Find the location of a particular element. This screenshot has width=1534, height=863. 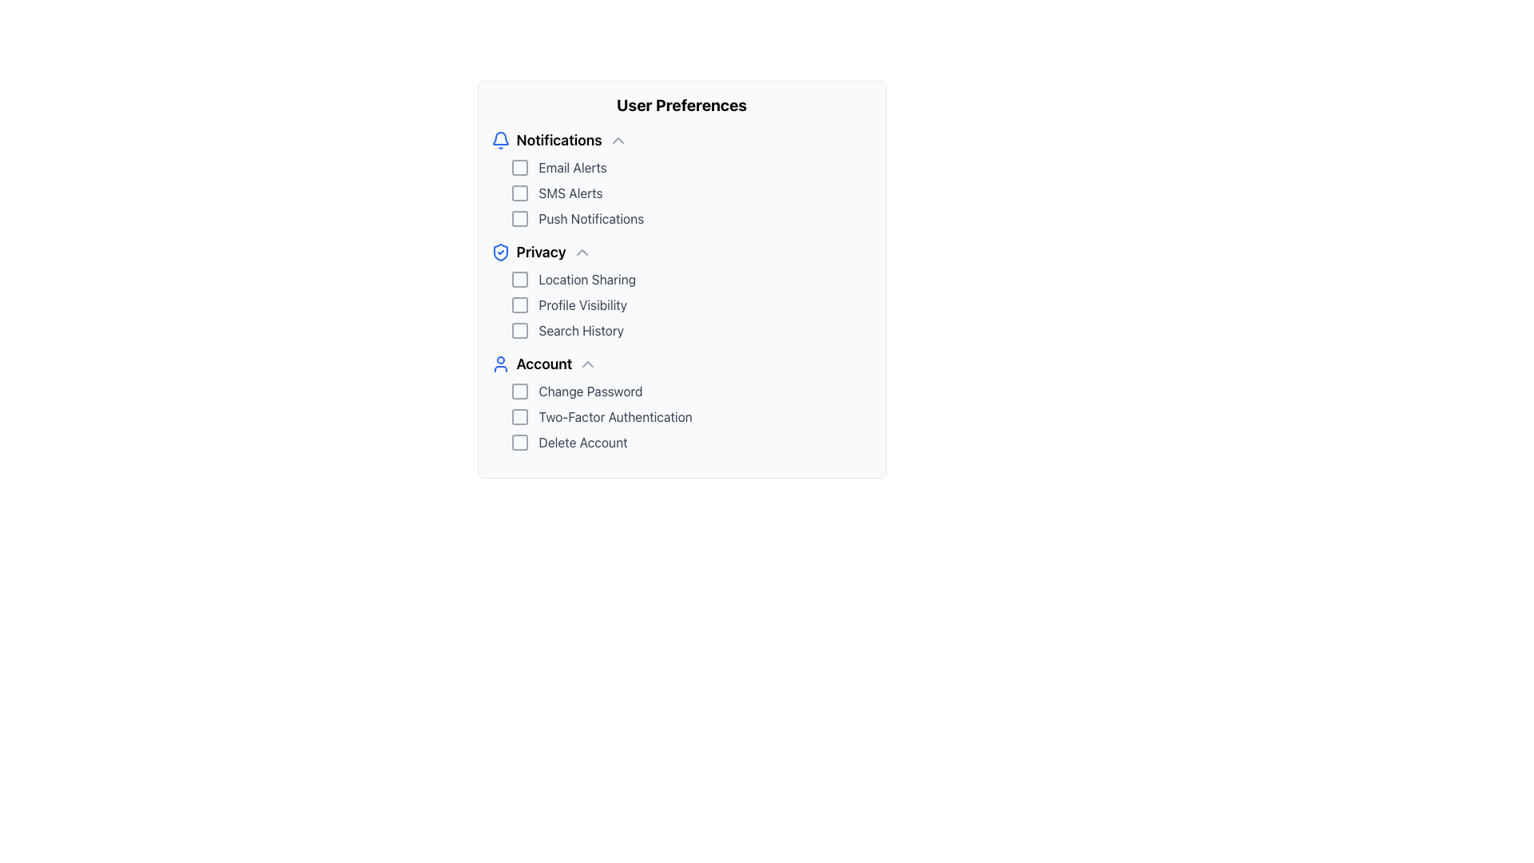

the checkbox for 'Profile Visibility' in the Privacy section is located at coordinates (519, 304).